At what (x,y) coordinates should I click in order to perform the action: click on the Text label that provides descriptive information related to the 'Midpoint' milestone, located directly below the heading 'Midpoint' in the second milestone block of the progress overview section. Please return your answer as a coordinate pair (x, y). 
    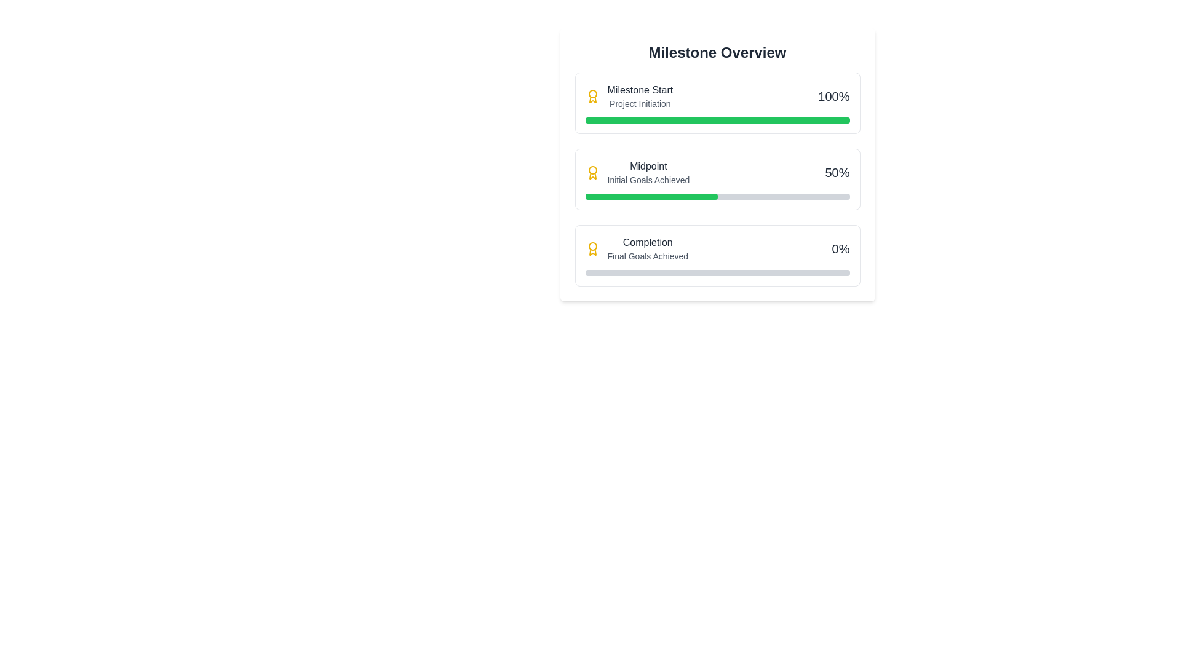
    Looking at the image, I should click on (648, 180).